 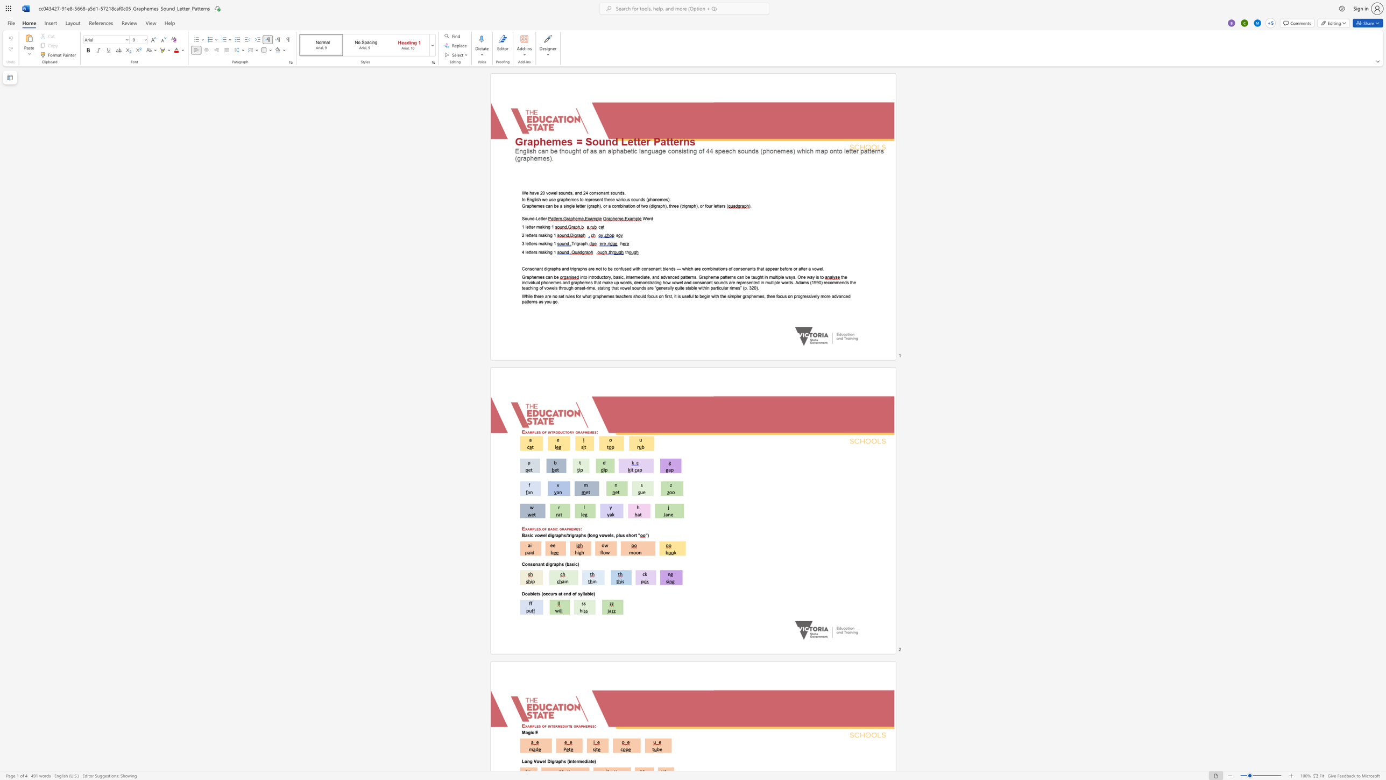 What do you see at coordinates (618, 296) in the screenshot?
I see `the 9th character "e" in the text` at bounding box center [618, 296].